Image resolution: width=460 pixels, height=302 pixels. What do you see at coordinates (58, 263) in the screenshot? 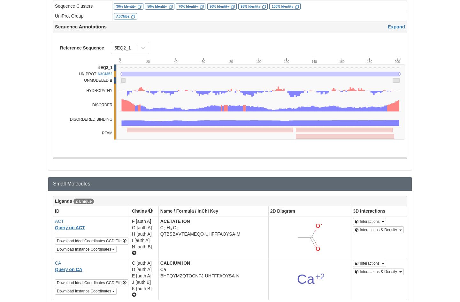
I see `'CA'` at bounding box center [58, 263].